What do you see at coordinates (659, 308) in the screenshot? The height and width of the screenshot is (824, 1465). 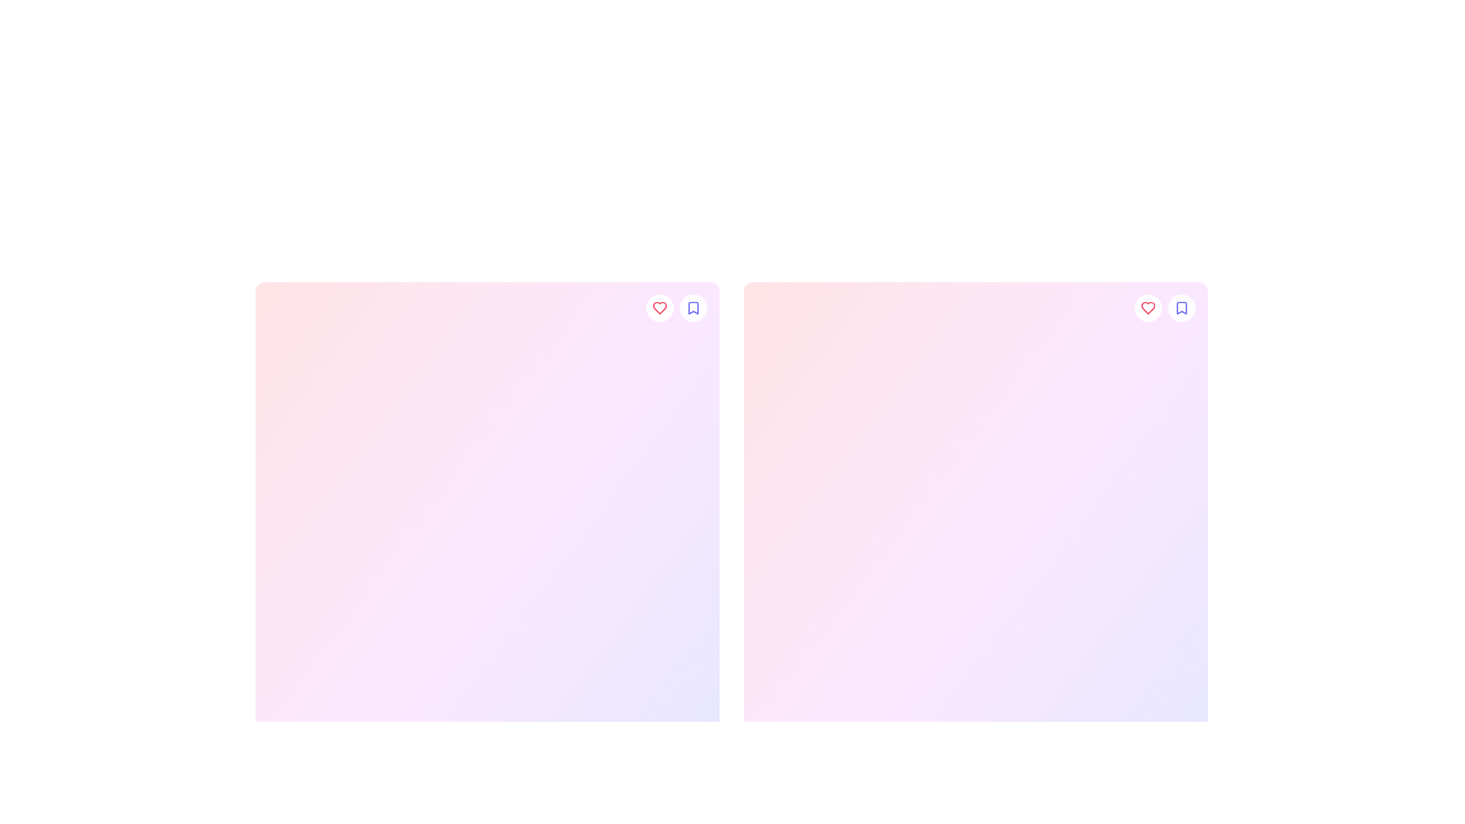 I see `the circular button with a white background and a red heart icon` at bounding box center [659, 308].